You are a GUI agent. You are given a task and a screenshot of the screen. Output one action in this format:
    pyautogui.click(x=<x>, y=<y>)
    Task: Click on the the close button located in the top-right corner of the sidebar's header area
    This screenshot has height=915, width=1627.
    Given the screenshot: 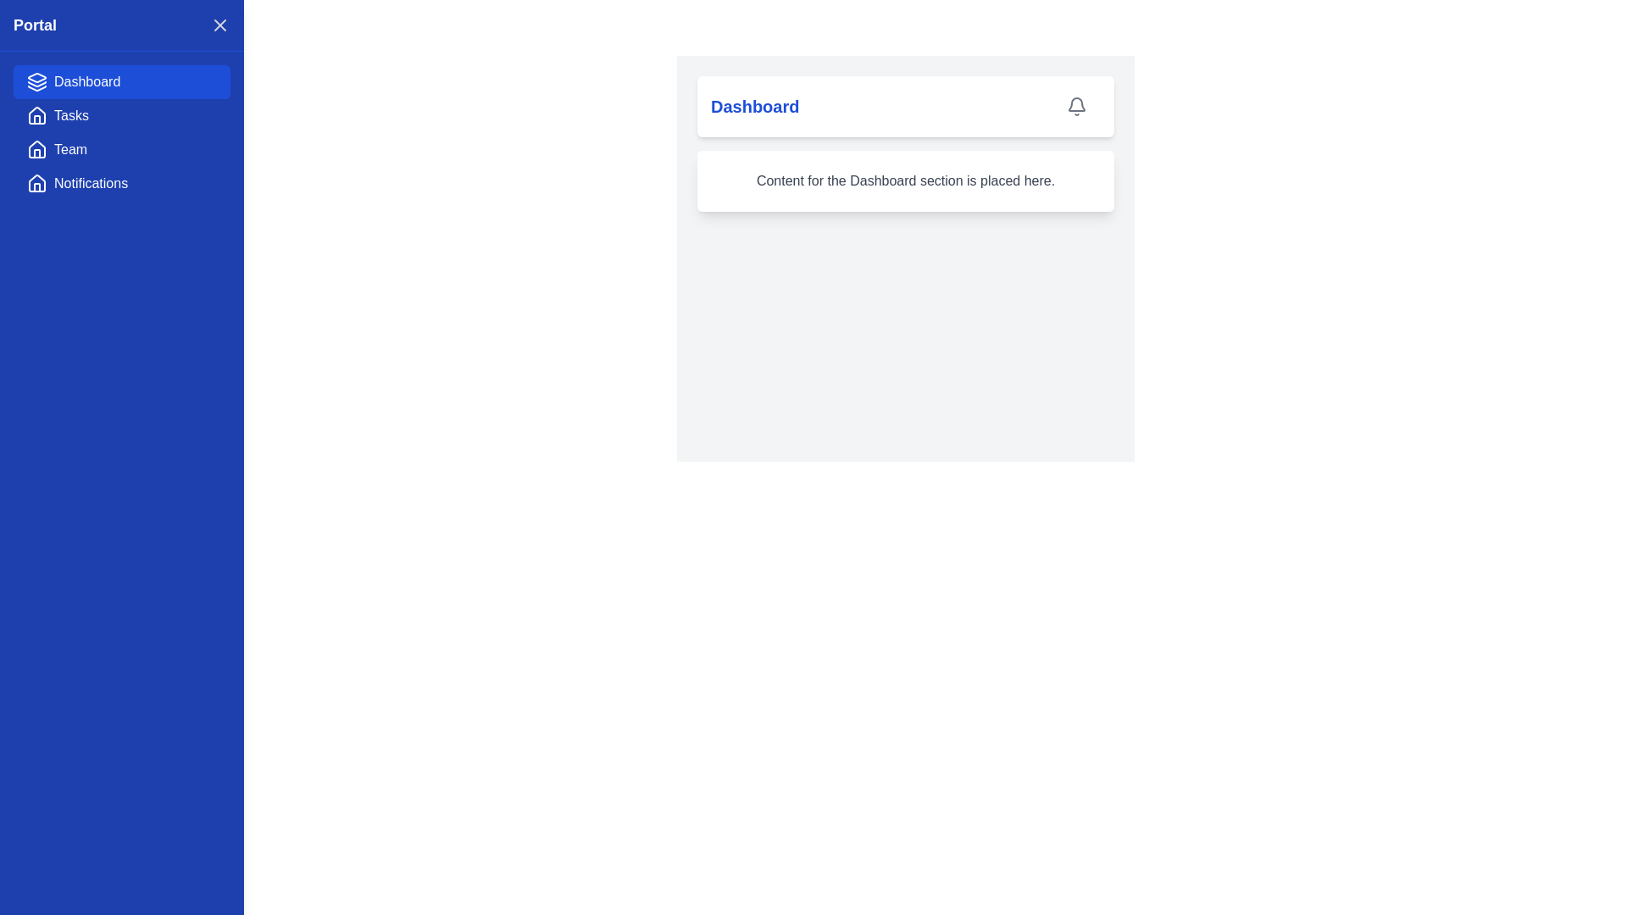 What is the action you would take?
    pyautogui.click(x=219, y=25)
    